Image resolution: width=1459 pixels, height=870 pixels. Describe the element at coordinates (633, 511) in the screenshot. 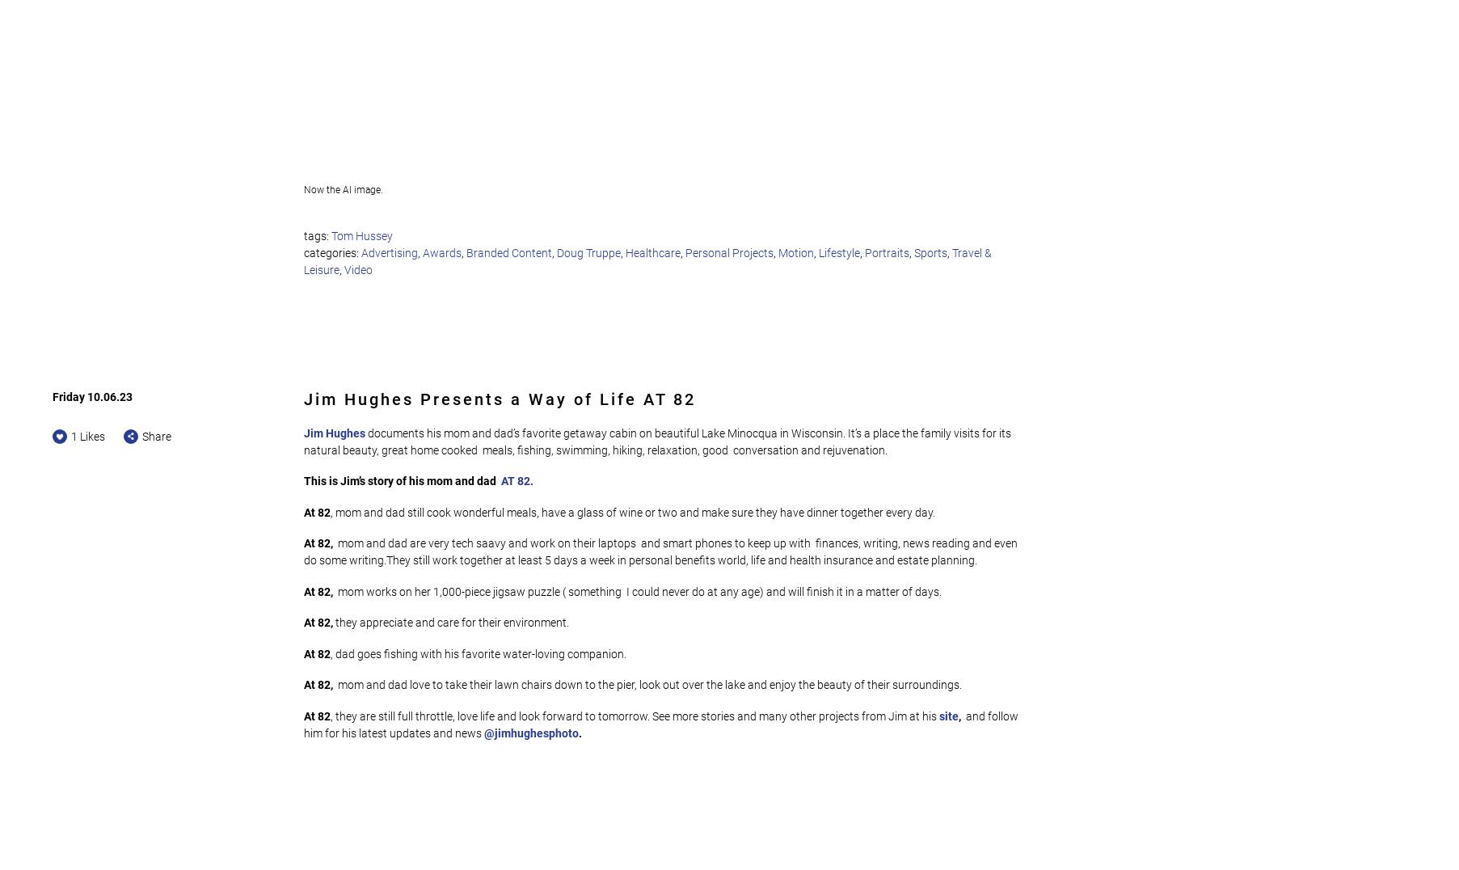

I see `', mom and dad still cook wonderful meals, have a glass of wine or two and make sure they have dinner together every day.'` at that location.